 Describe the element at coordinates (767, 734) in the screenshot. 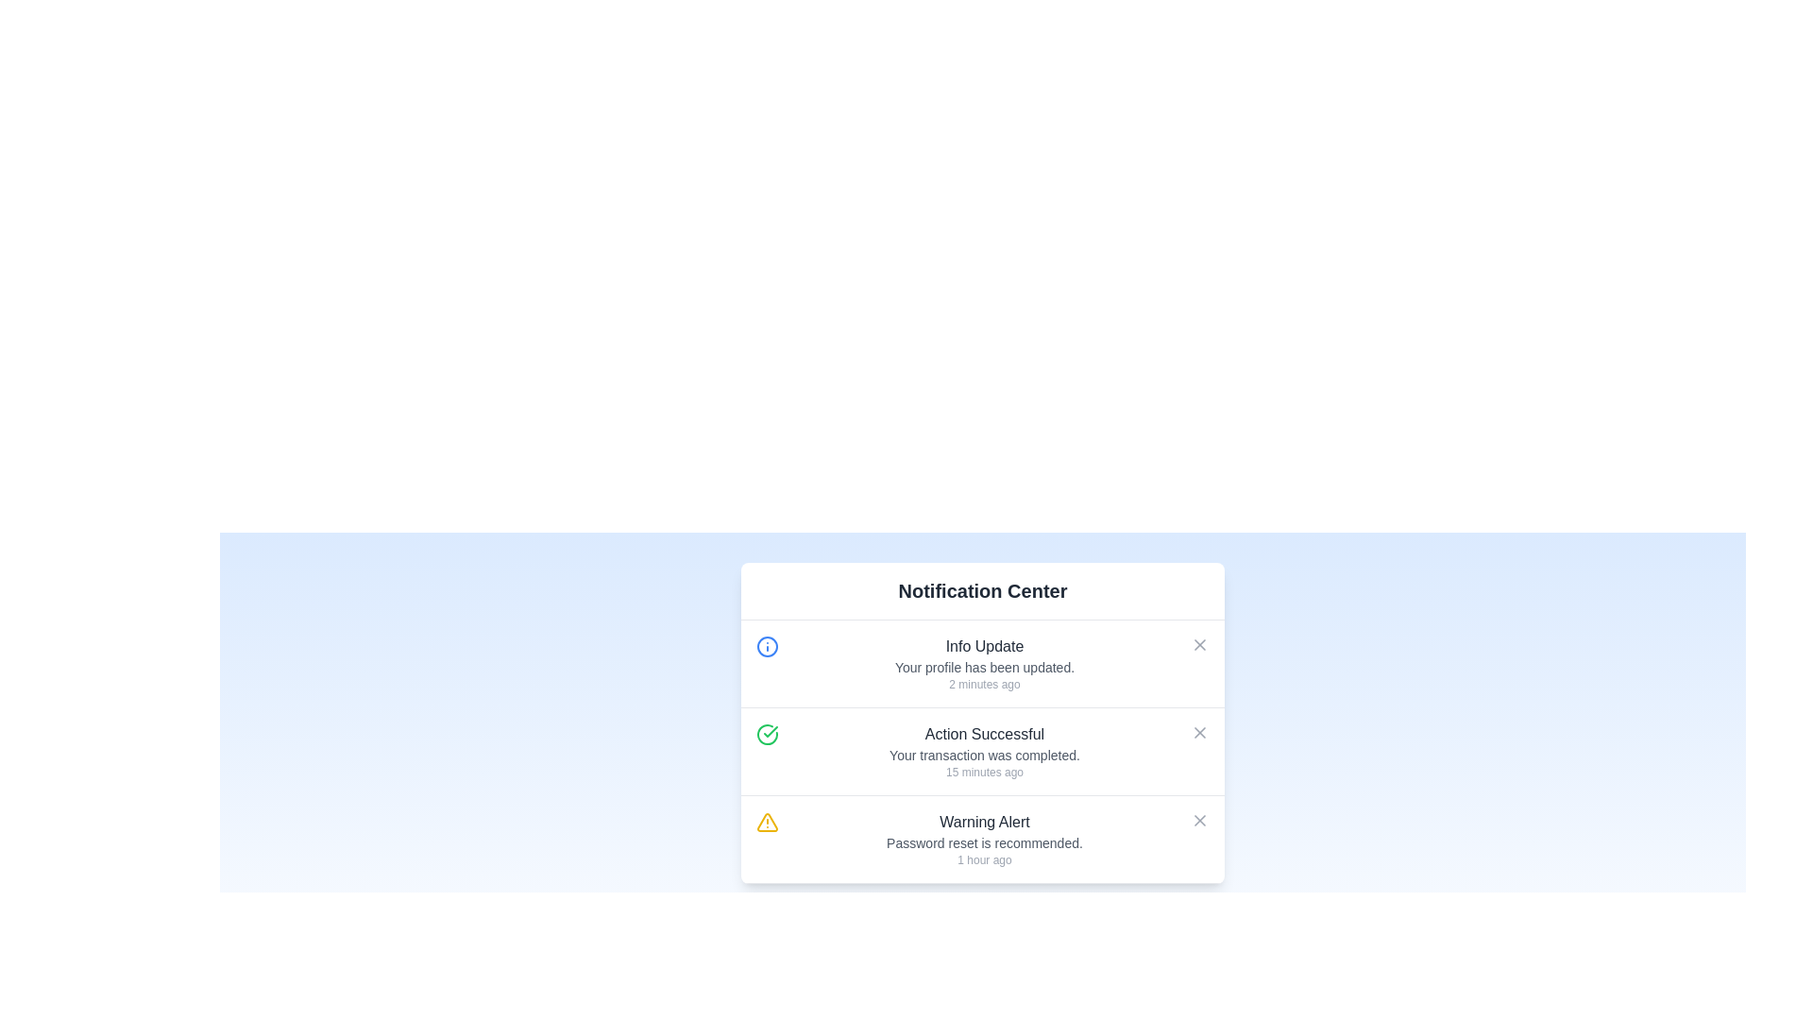

I see `the green circular checkmark icon representing 'Action Successful' within the notification entry` at that location.